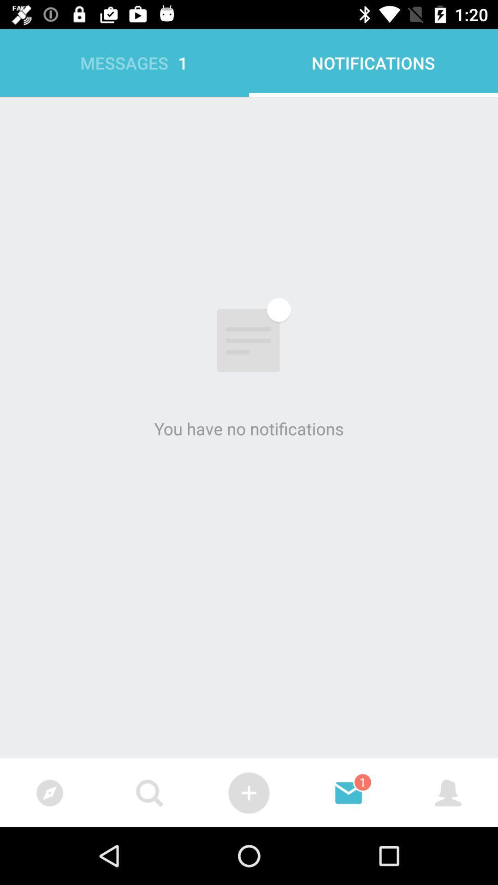 This screenshot has height=885, width=498. Describe the element at coordinates (448, 792) in the screenshot. I see `move to first icon at bottom right` at that location.